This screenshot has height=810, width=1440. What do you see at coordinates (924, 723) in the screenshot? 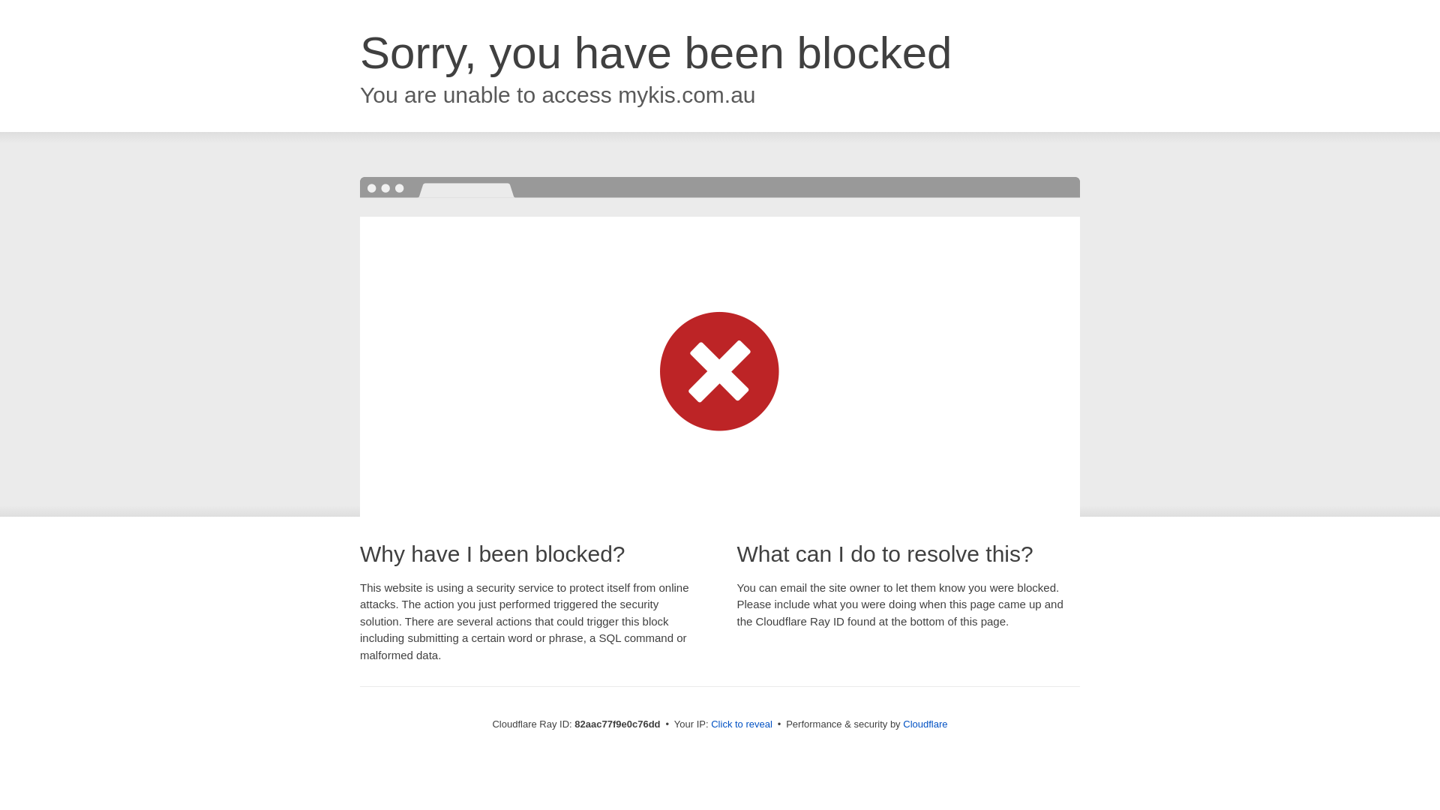
I see `'Cloudflare'` at bounding box center [924, 723].